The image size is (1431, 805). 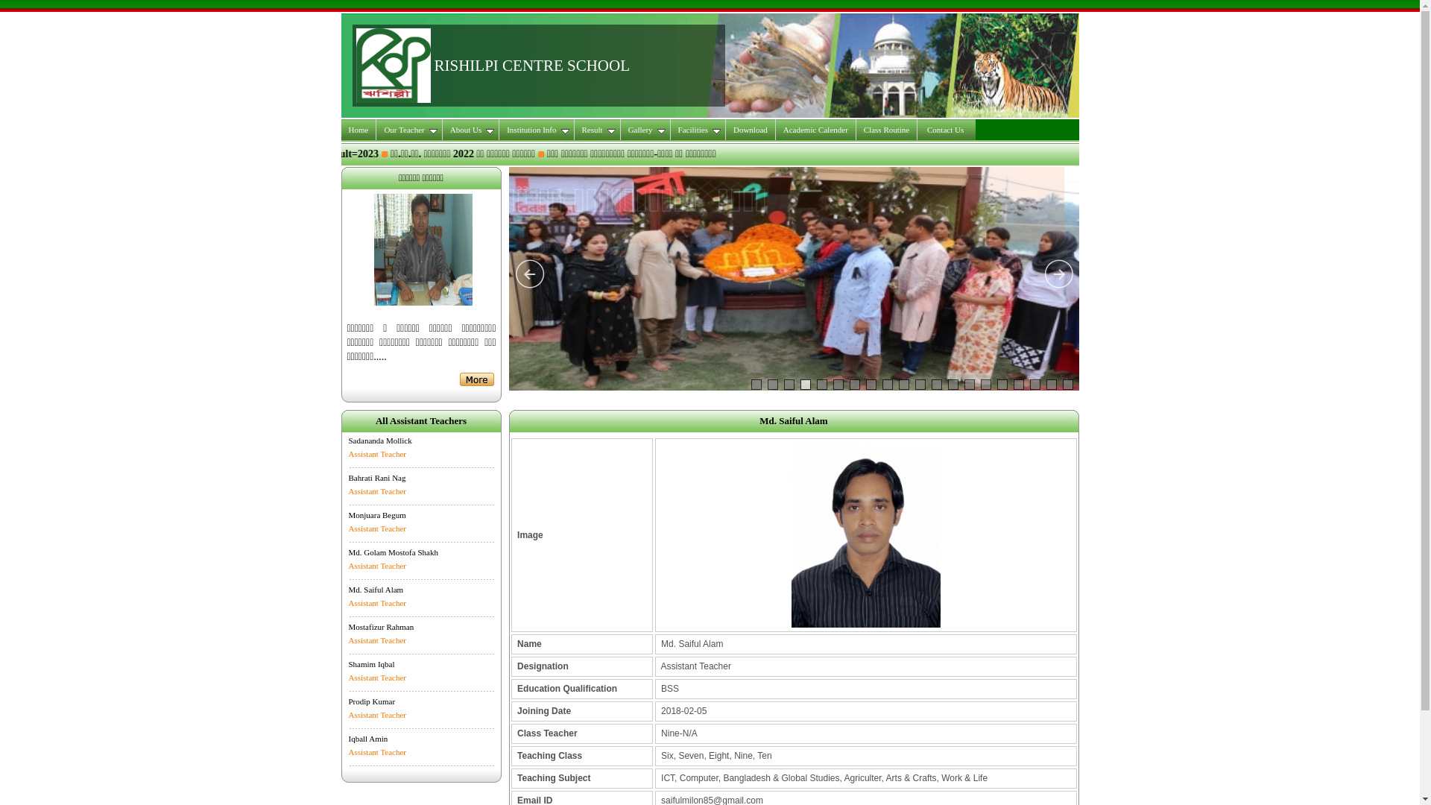 What do you see at coordinates (358, 128) in the screenshot?
I see `'Home'` at bounding box center [358, 128].